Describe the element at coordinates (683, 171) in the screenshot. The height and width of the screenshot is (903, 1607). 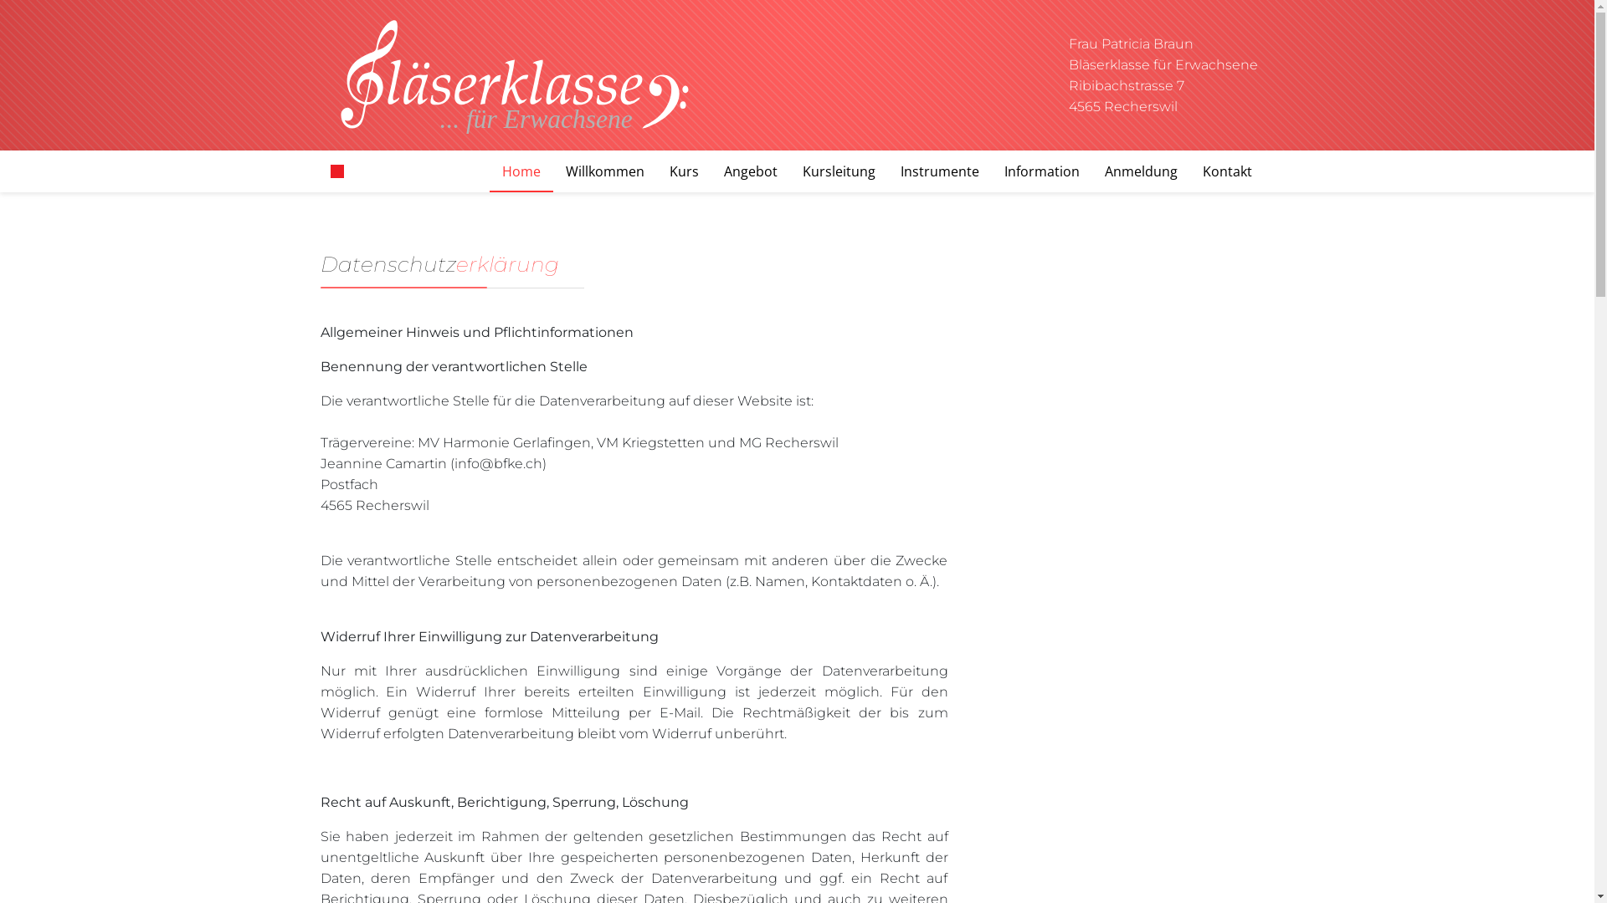
I see `'Kurs'` at that location.